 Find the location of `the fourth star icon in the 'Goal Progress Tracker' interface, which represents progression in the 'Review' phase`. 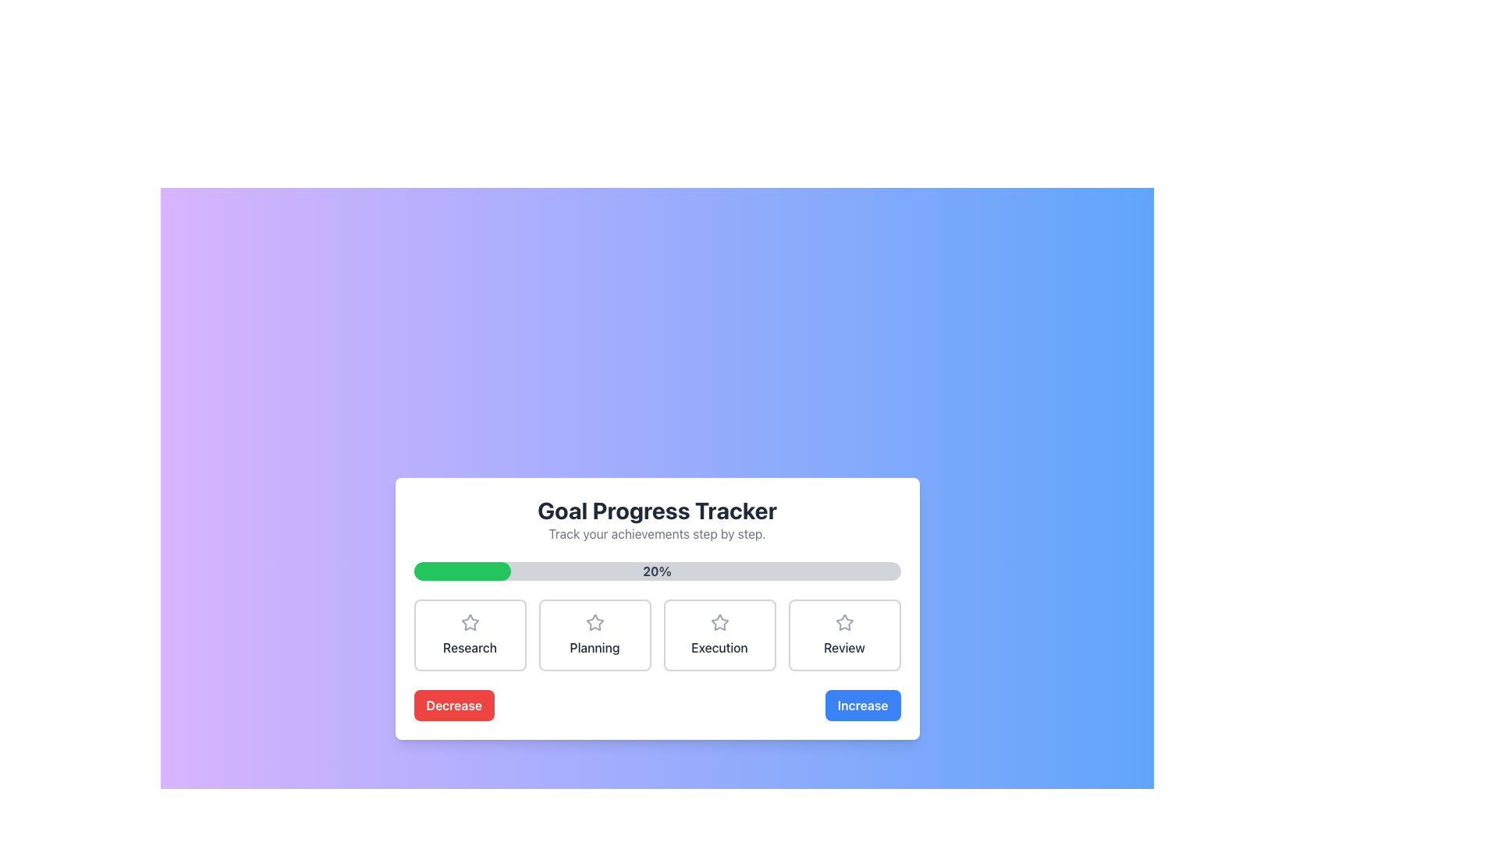

the fourth star icon in the 'Goal Progress Tracker' interface, which represents progression in the 'Review' phase is located at coordinates (843, 621).